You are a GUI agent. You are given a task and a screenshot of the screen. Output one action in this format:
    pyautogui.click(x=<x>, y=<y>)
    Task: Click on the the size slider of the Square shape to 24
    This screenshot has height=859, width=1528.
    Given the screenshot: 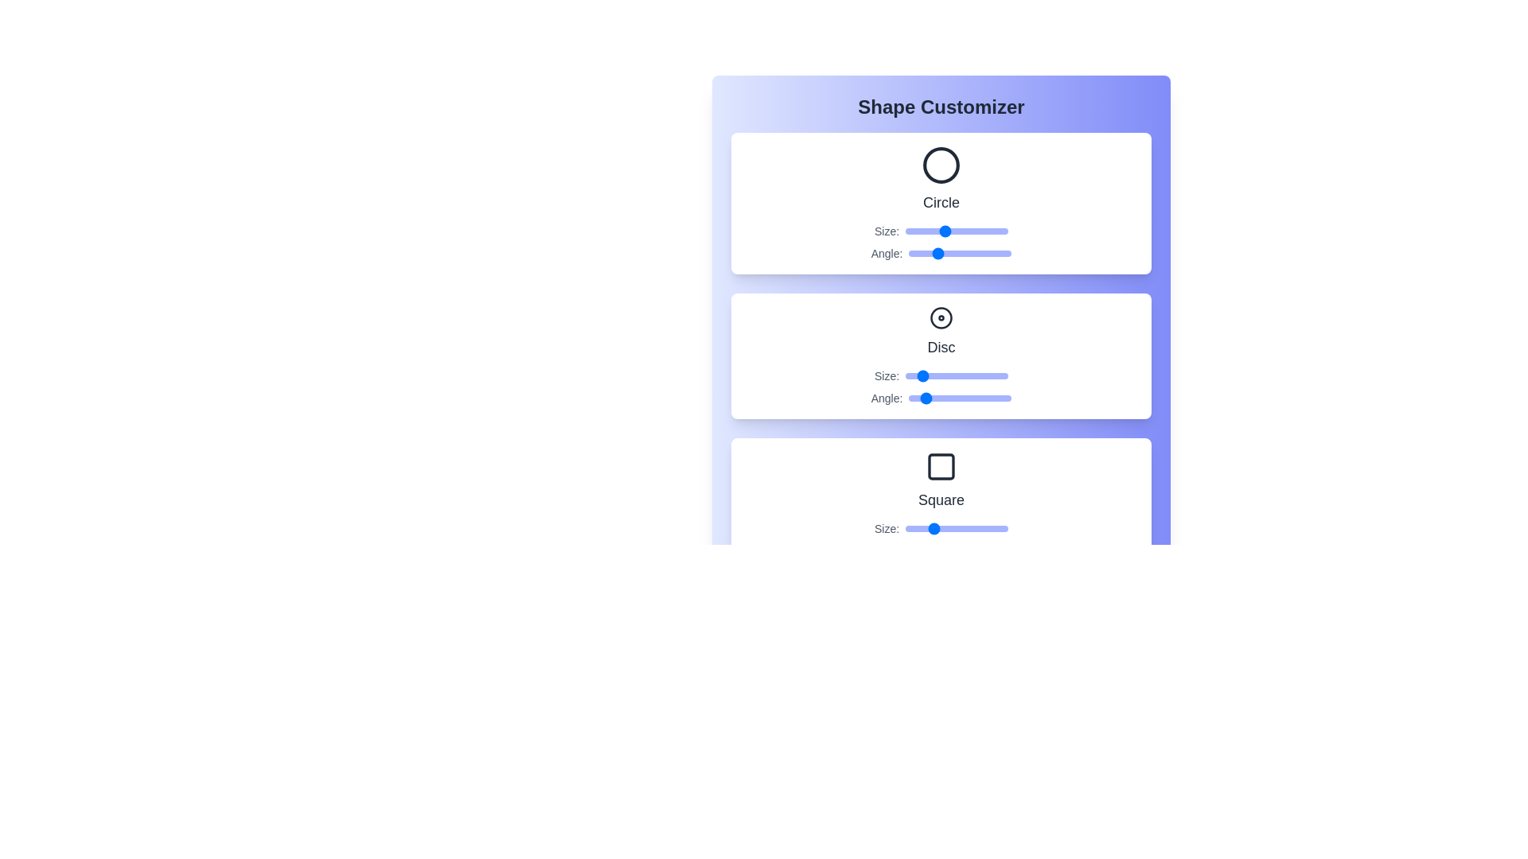 What is the action you would take?
    pyautogui.click(x=910, y=528)
    